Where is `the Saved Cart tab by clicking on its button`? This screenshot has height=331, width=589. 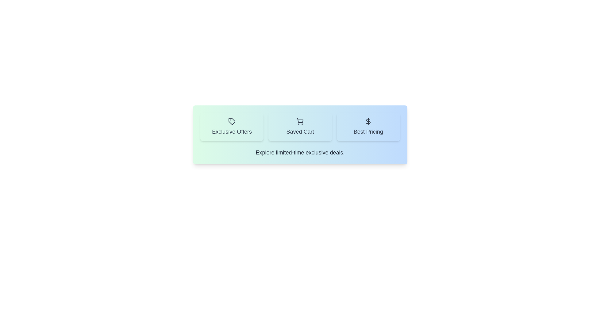
the Saved Cart tab by clicking on its button is located at coordinates (300, 126).